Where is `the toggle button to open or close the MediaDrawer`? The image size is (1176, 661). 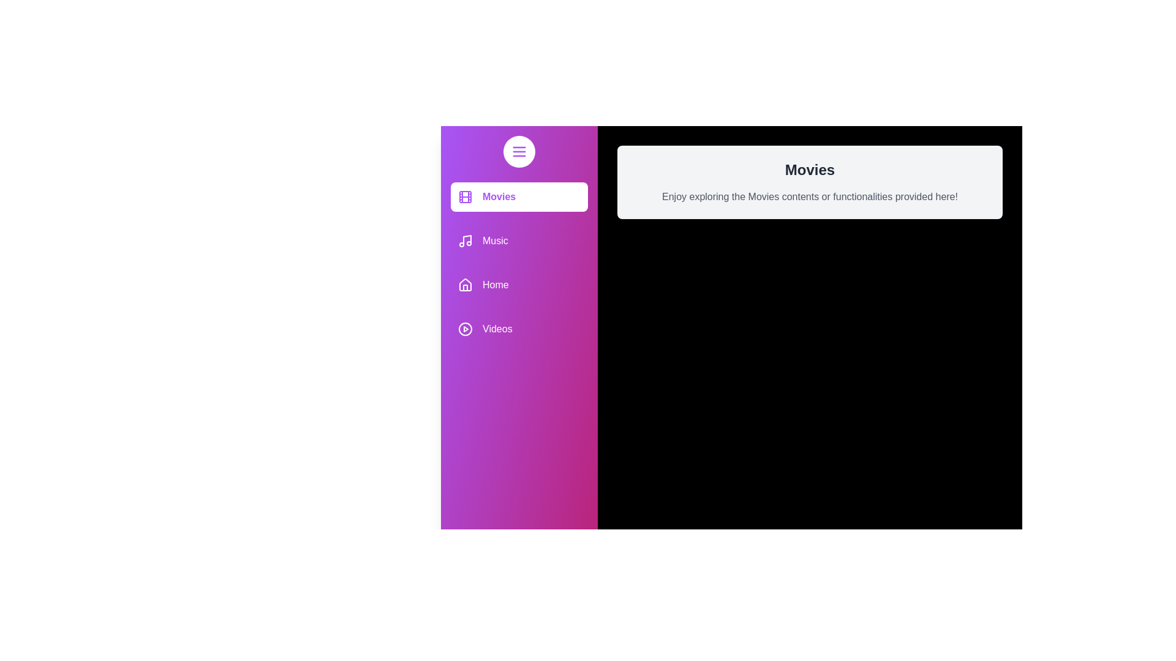 the toggle button to open or close the MediaDrawer is located at coordinates (519, 151).